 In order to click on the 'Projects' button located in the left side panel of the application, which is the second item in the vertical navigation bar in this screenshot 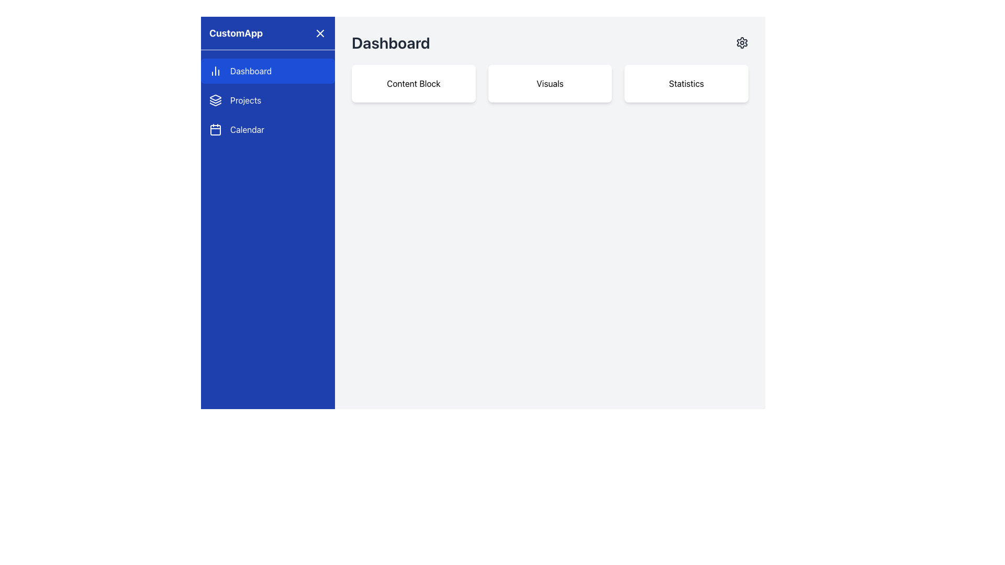, I will do `click(268, 100)`.